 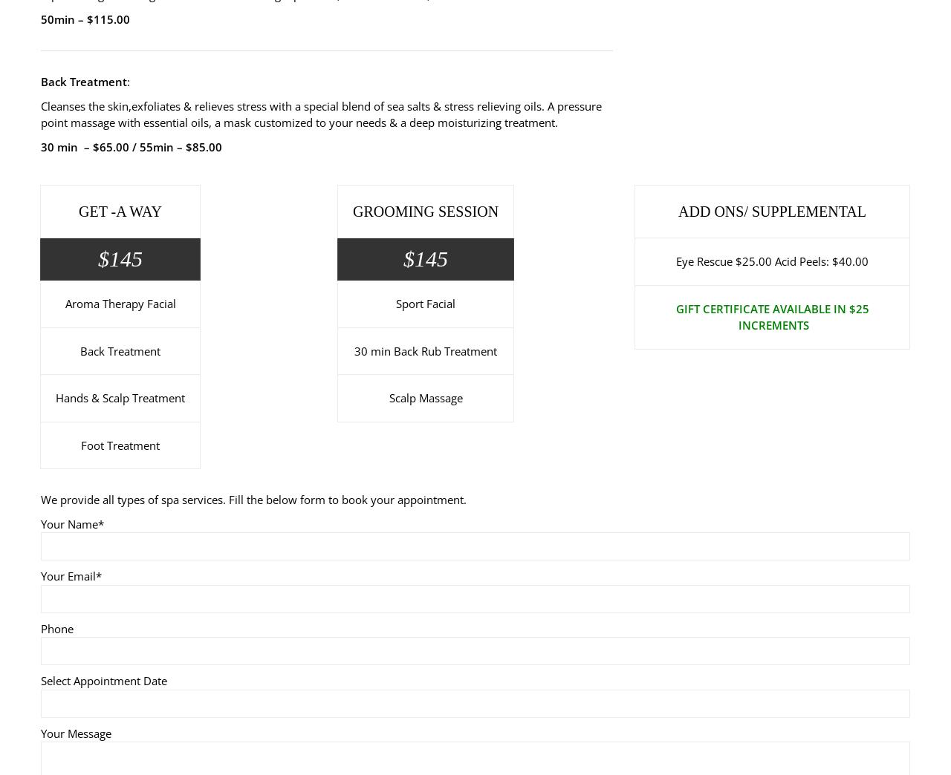 What do you see at coordinates (75, 732) in the screenshot?
I see `'Your Message'` at bounding box center [75, 732].